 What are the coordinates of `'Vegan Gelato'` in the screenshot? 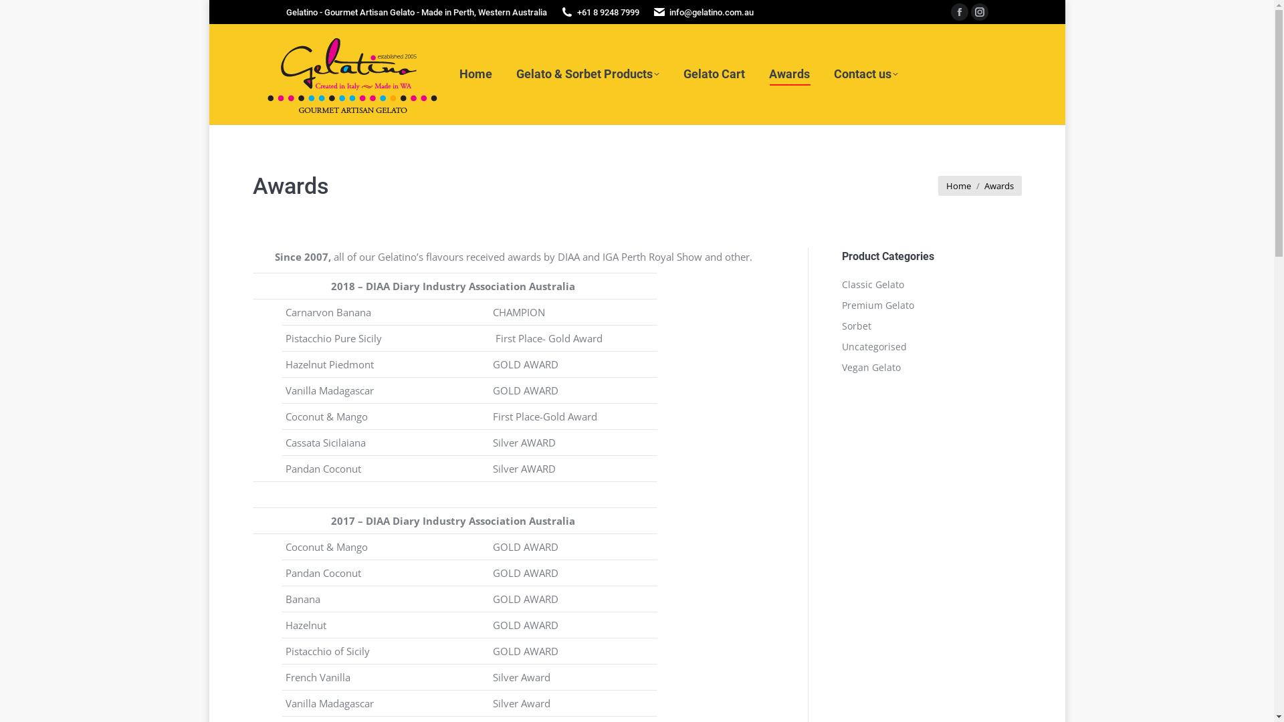 It's located at (870, 368).